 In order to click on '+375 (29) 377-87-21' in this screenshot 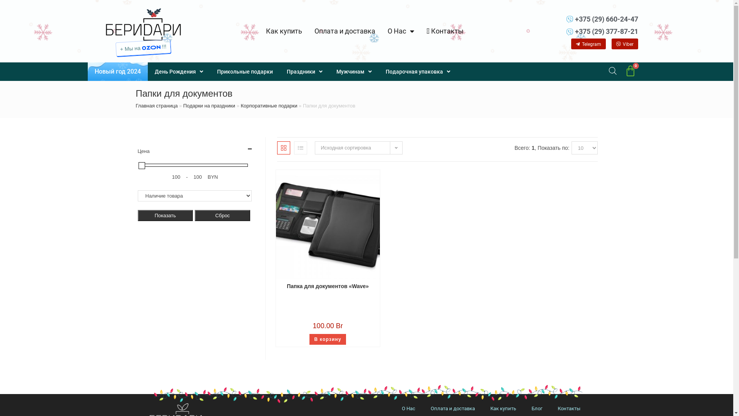, I will do `click(585, 31)`.